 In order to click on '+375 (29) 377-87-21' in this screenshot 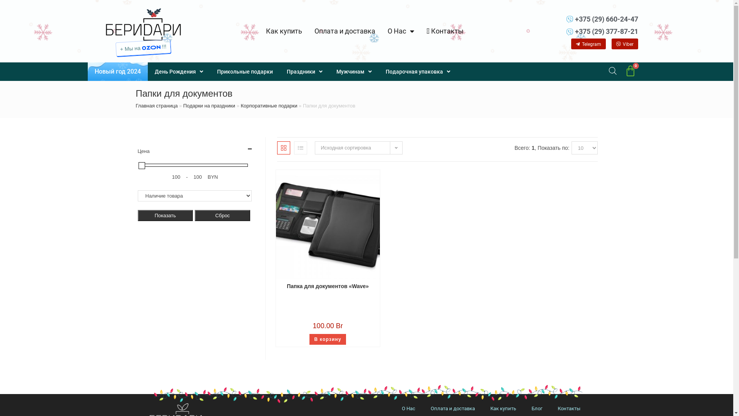, I will do `click(585, 31)`.